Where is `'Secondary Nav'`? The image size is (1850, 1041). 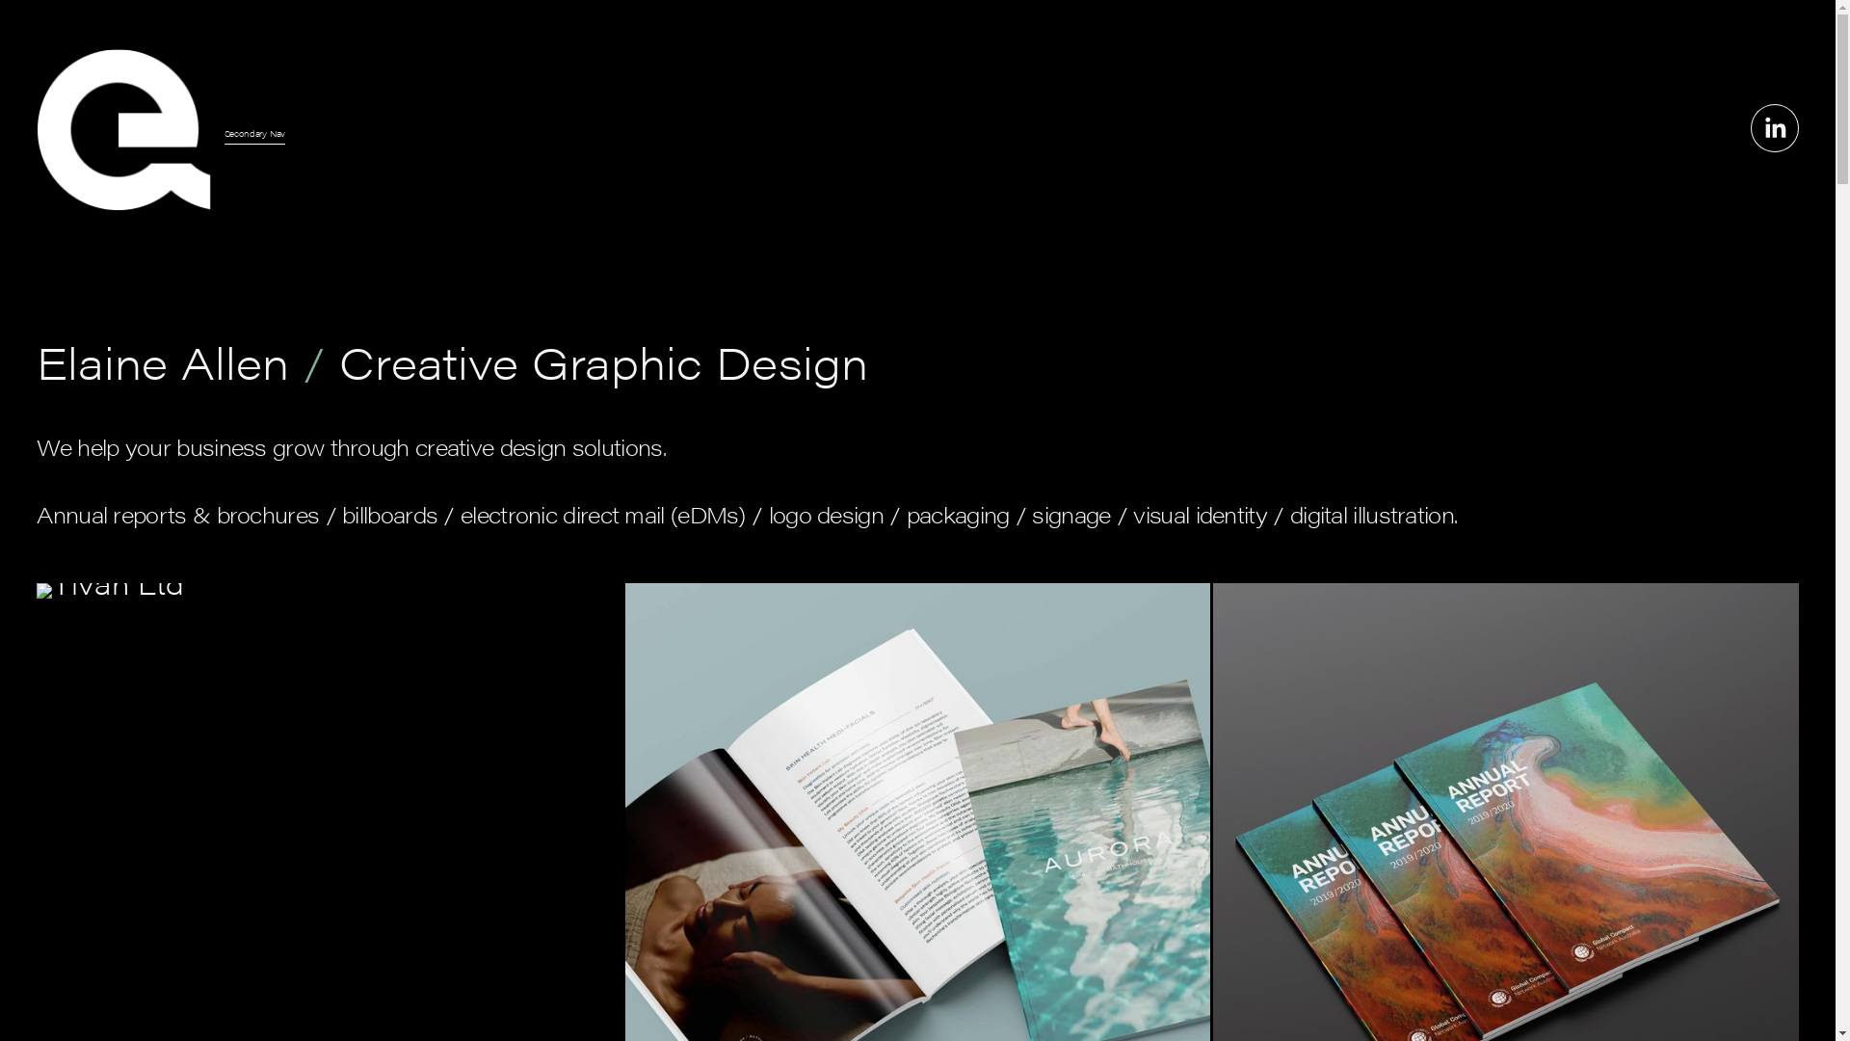
'Secondary Nav' is located at coordinates (225, 132).